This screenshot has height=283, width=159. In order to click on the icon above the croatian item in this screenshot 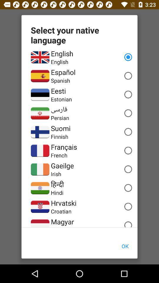, I will do `click(63, 203)`.